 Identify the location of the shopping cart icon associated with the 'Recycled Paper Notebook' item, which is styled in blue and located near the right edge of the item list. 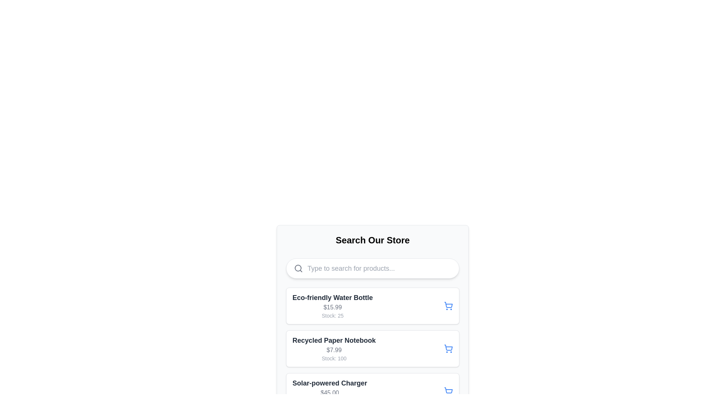
(448, 348).